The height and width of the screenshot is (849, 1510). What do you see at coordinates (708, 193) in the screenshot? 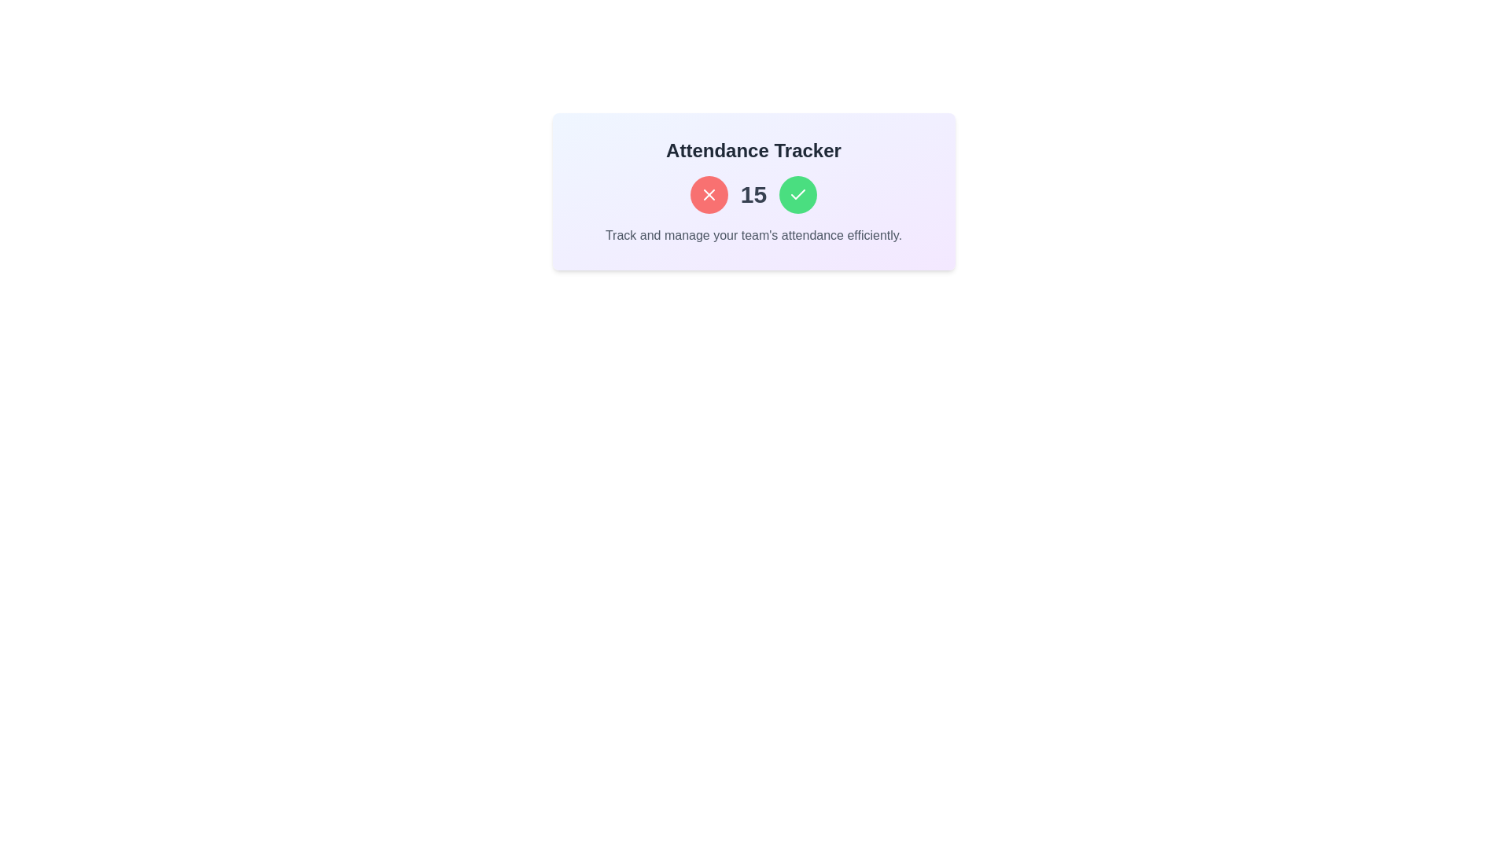
I see `the circular red button with a white cross icon` at bounding box center [708, 193].